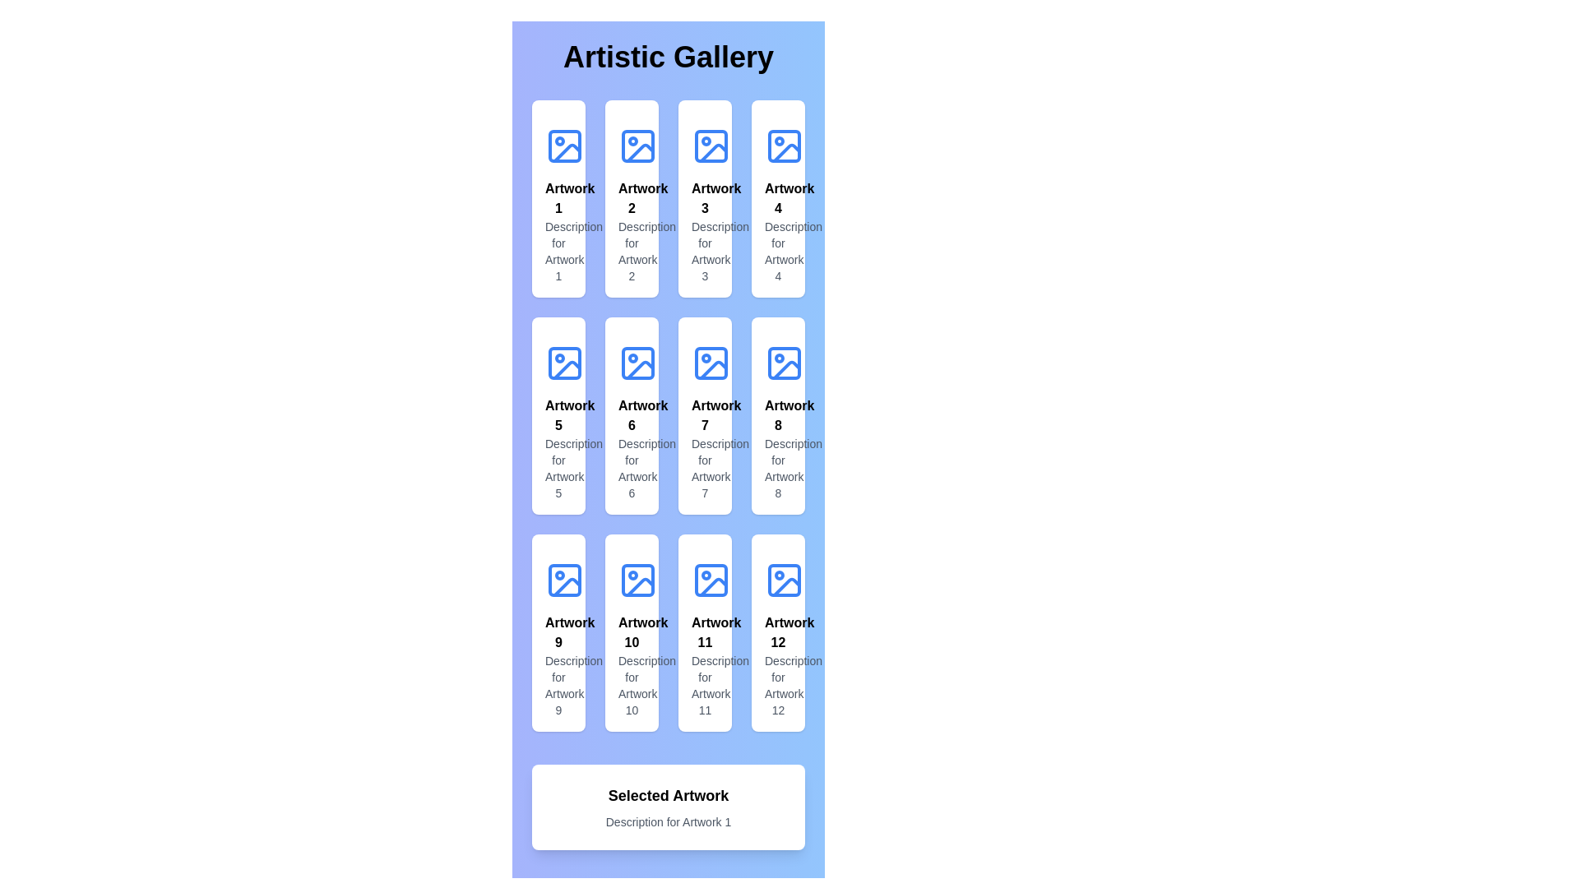 Image resolution: width=1579 pixels, height=888 pixels. What do you see at coordinates (711, 579) in the screenshot?
I see `SVG rectangle that serves as the background of the image icon within the 'Artwork 11' card located in the third row and third column of the grid layout` at bounding box center [711, 579].